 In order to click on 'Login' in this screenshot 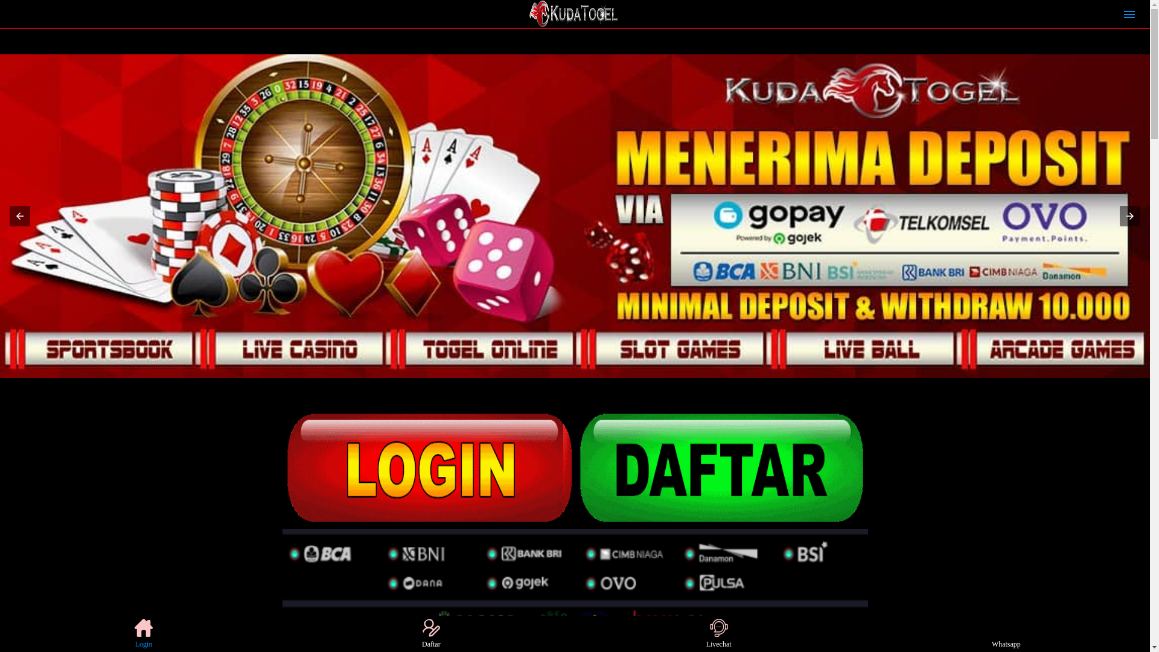, I will do `click(144, 633)`.